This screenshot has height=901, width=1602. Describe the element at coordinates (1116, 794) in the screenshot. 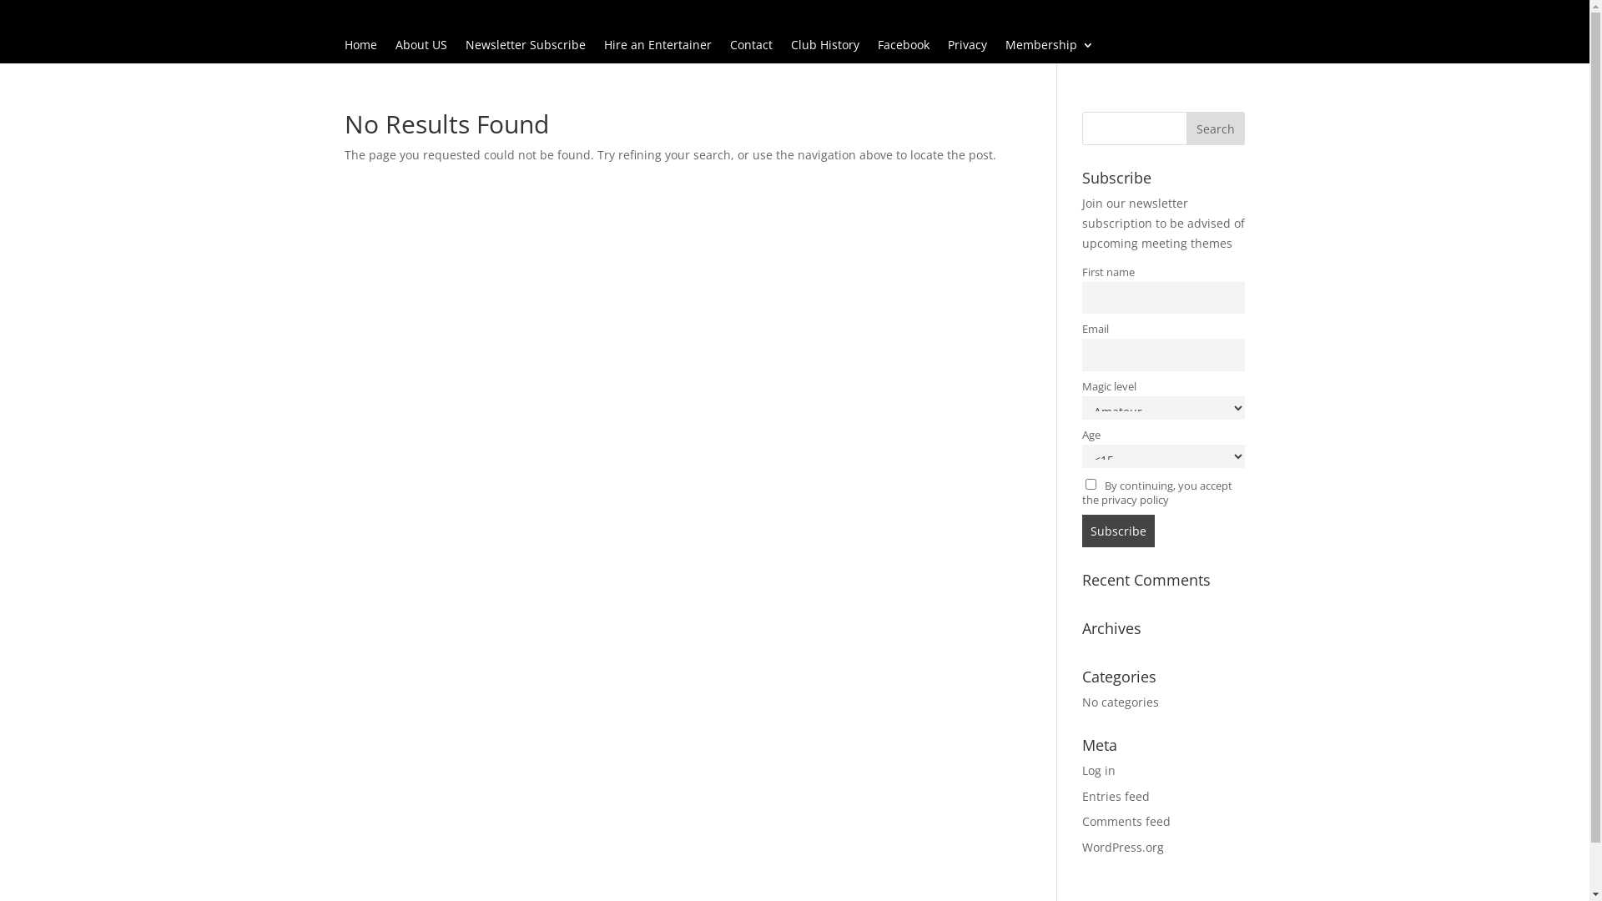

I see `'Entries feed'` at that location.